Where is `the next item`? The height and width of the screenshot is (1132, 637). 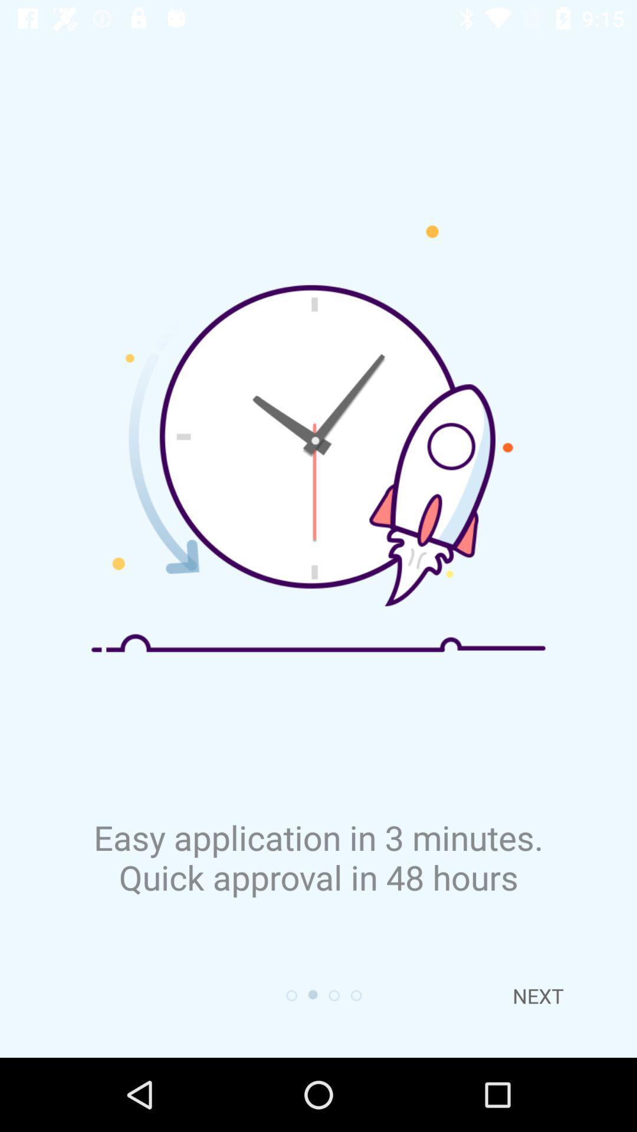
the next item is located at coordinates (537, 995).